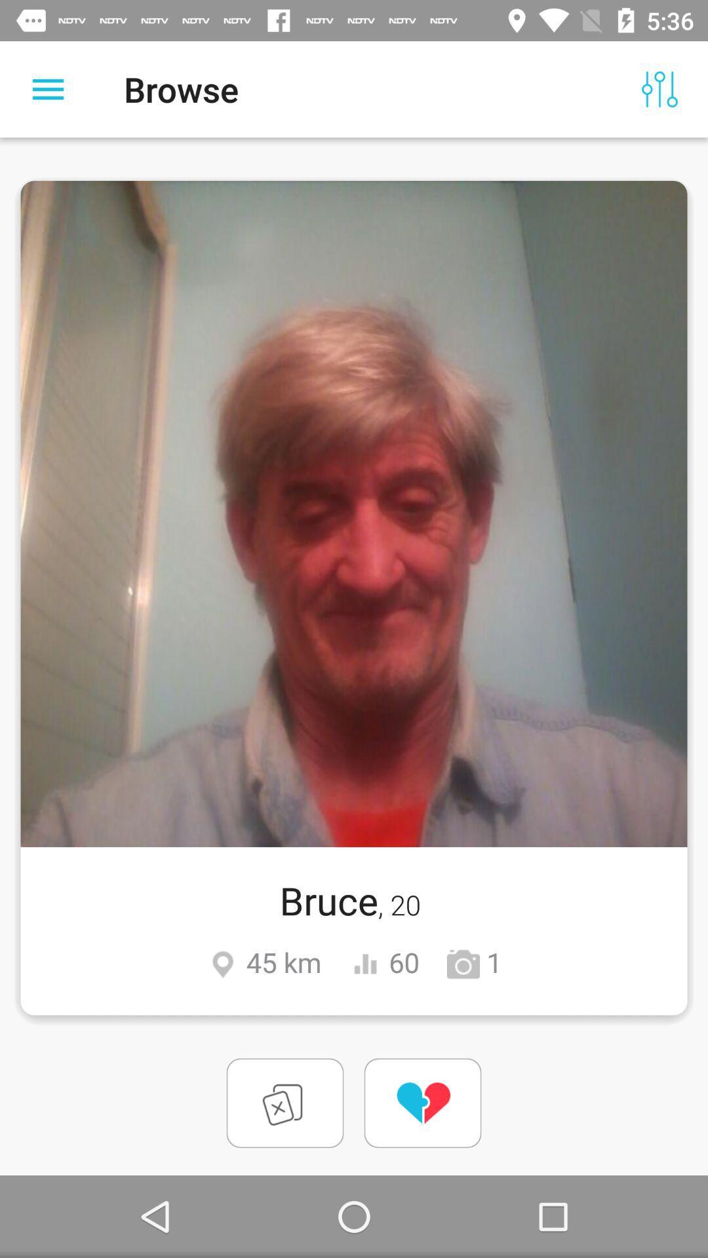 The height and width of the screenshot is (1258, 708). What do you see at coordinates (47, 88) in the screenshot?
I see `item next to browse item` at bounding box center [47, 88].